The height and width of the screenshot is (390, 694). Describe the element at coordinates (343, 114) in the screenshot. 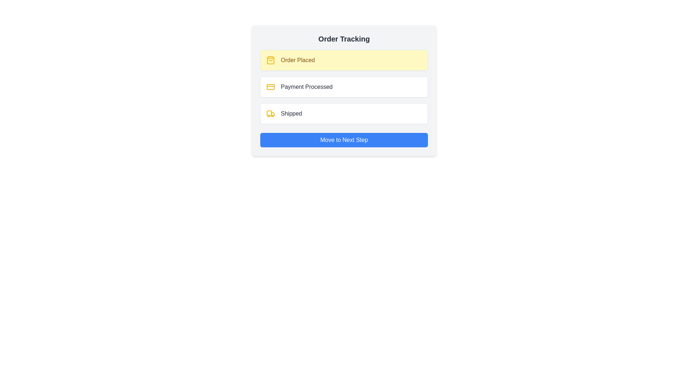

I see `the Status indicator that shows 'Shipped', which is the third item in the Order Tracking section, located below 'Payment Processed'` at that location.